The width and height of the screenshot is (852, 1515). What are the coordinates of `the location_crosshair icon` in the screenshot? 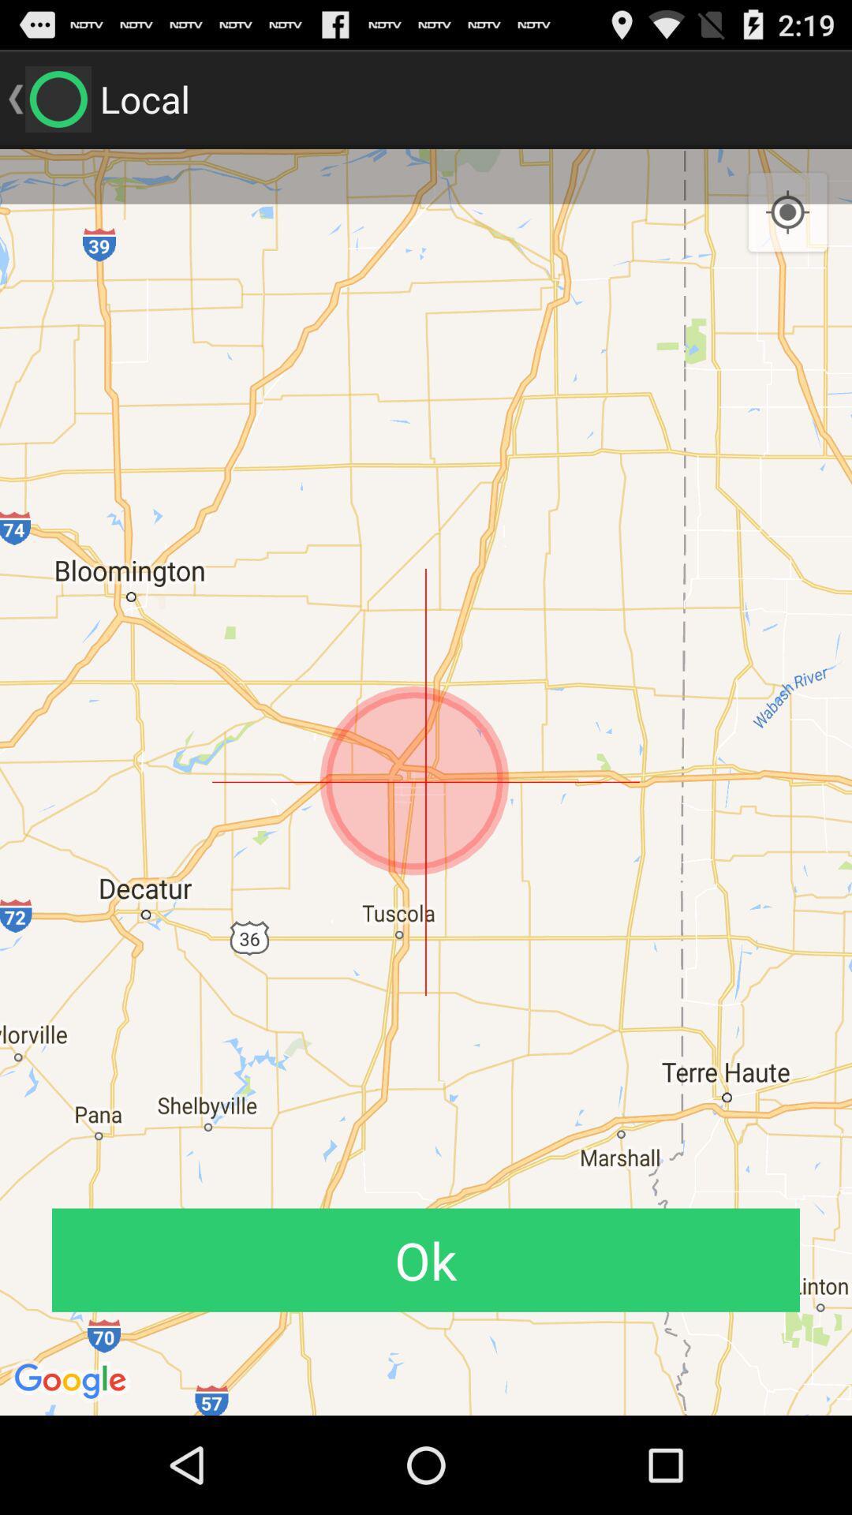 It's located at (787, 227).